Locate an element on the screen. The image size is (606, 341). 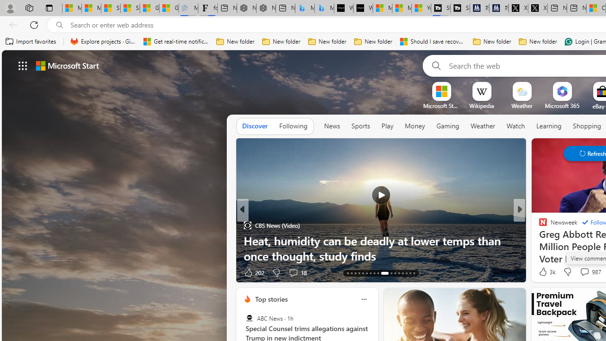
'Microsoft Bing Travel - Stays in Bangkok, Bangkok, Thailand' is located at coordinates (304, 8).